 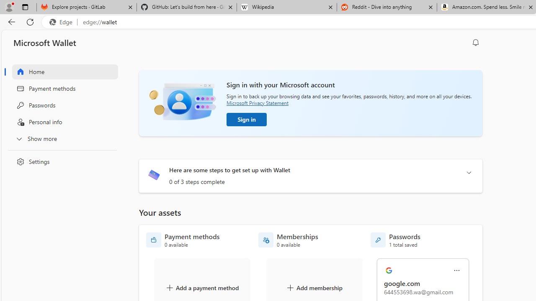 I want to click on 'Microsoft Privacy Statement', so click(x=257, y=102).